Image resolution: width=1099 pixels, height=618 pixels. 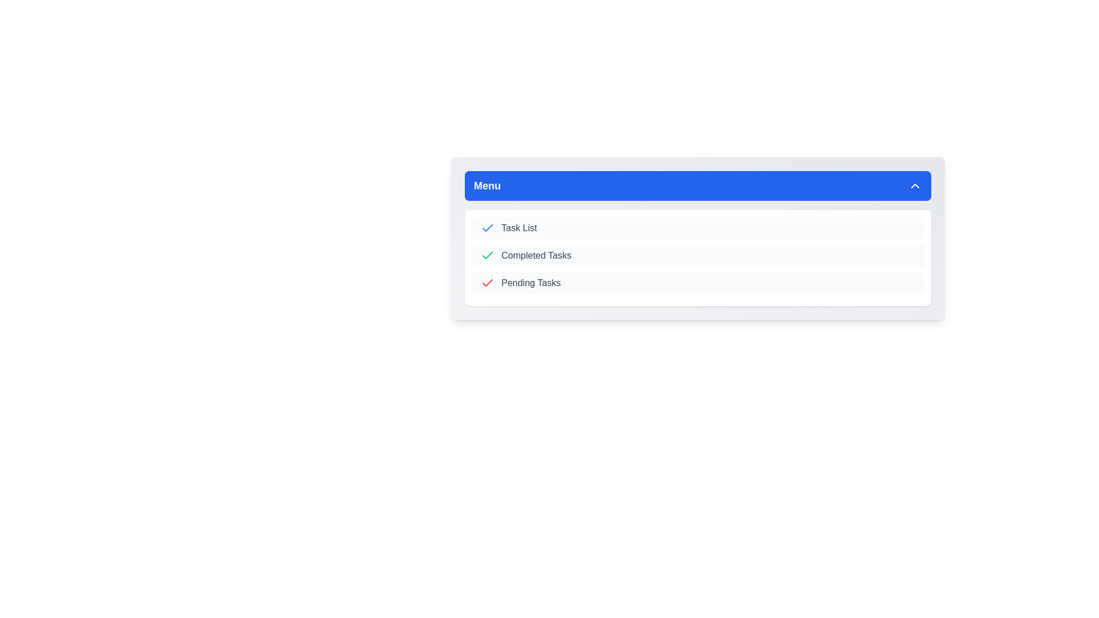 I want to click on the third list item styled as a button with a light gray background and a red checkmark icon, labeled 'Pending Tasks', so click(x=697, y=283).